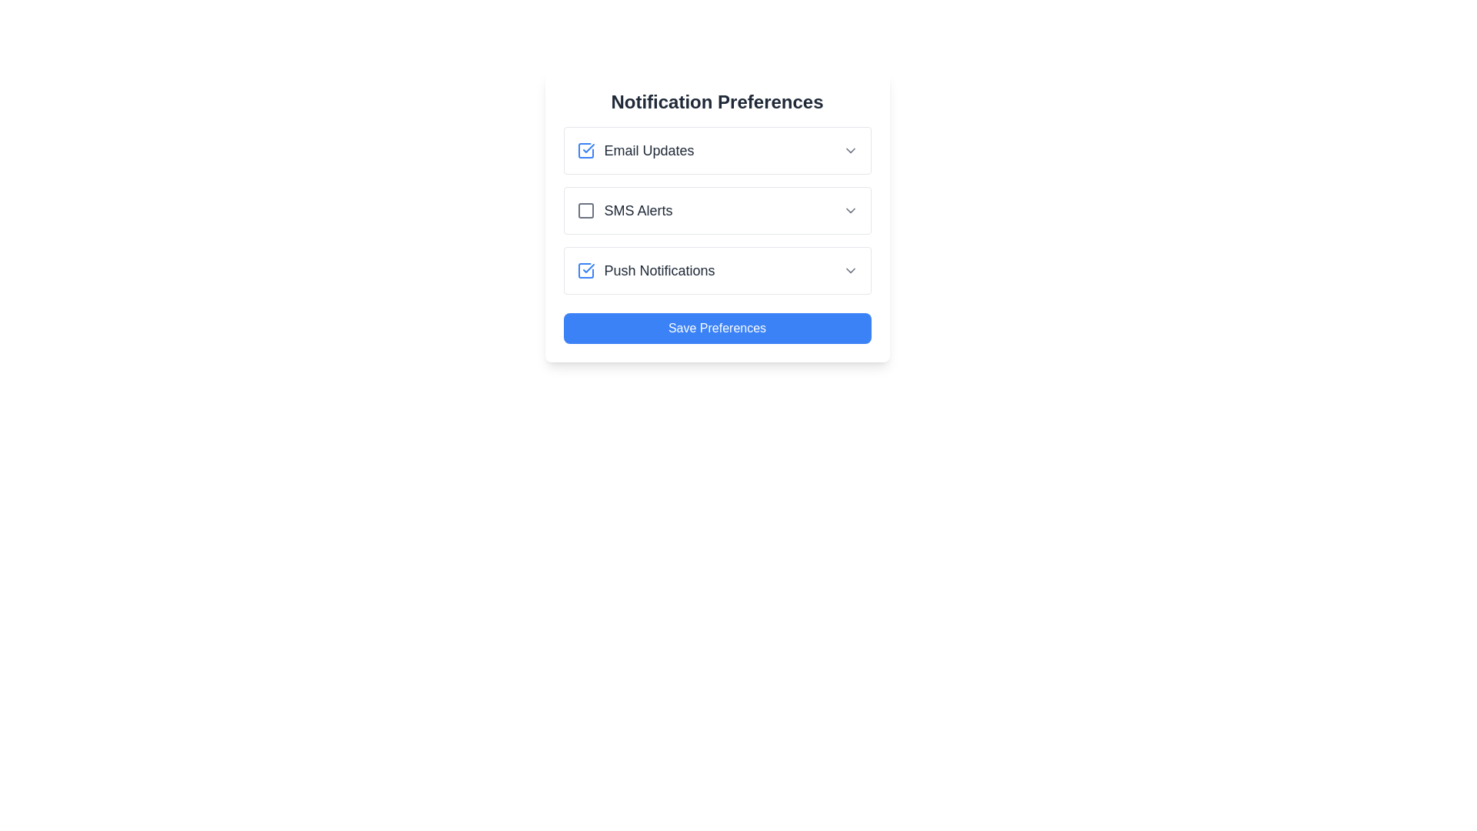 The image size is (1477, 831). What do you see at coordinates (659, 269) in the screenshot?
I see `the Text label for 'Push Notifications', which is positioned horizontally between a checkbox and a dropdown button in the third row of notification preferences` at bounding box center [659, 269].